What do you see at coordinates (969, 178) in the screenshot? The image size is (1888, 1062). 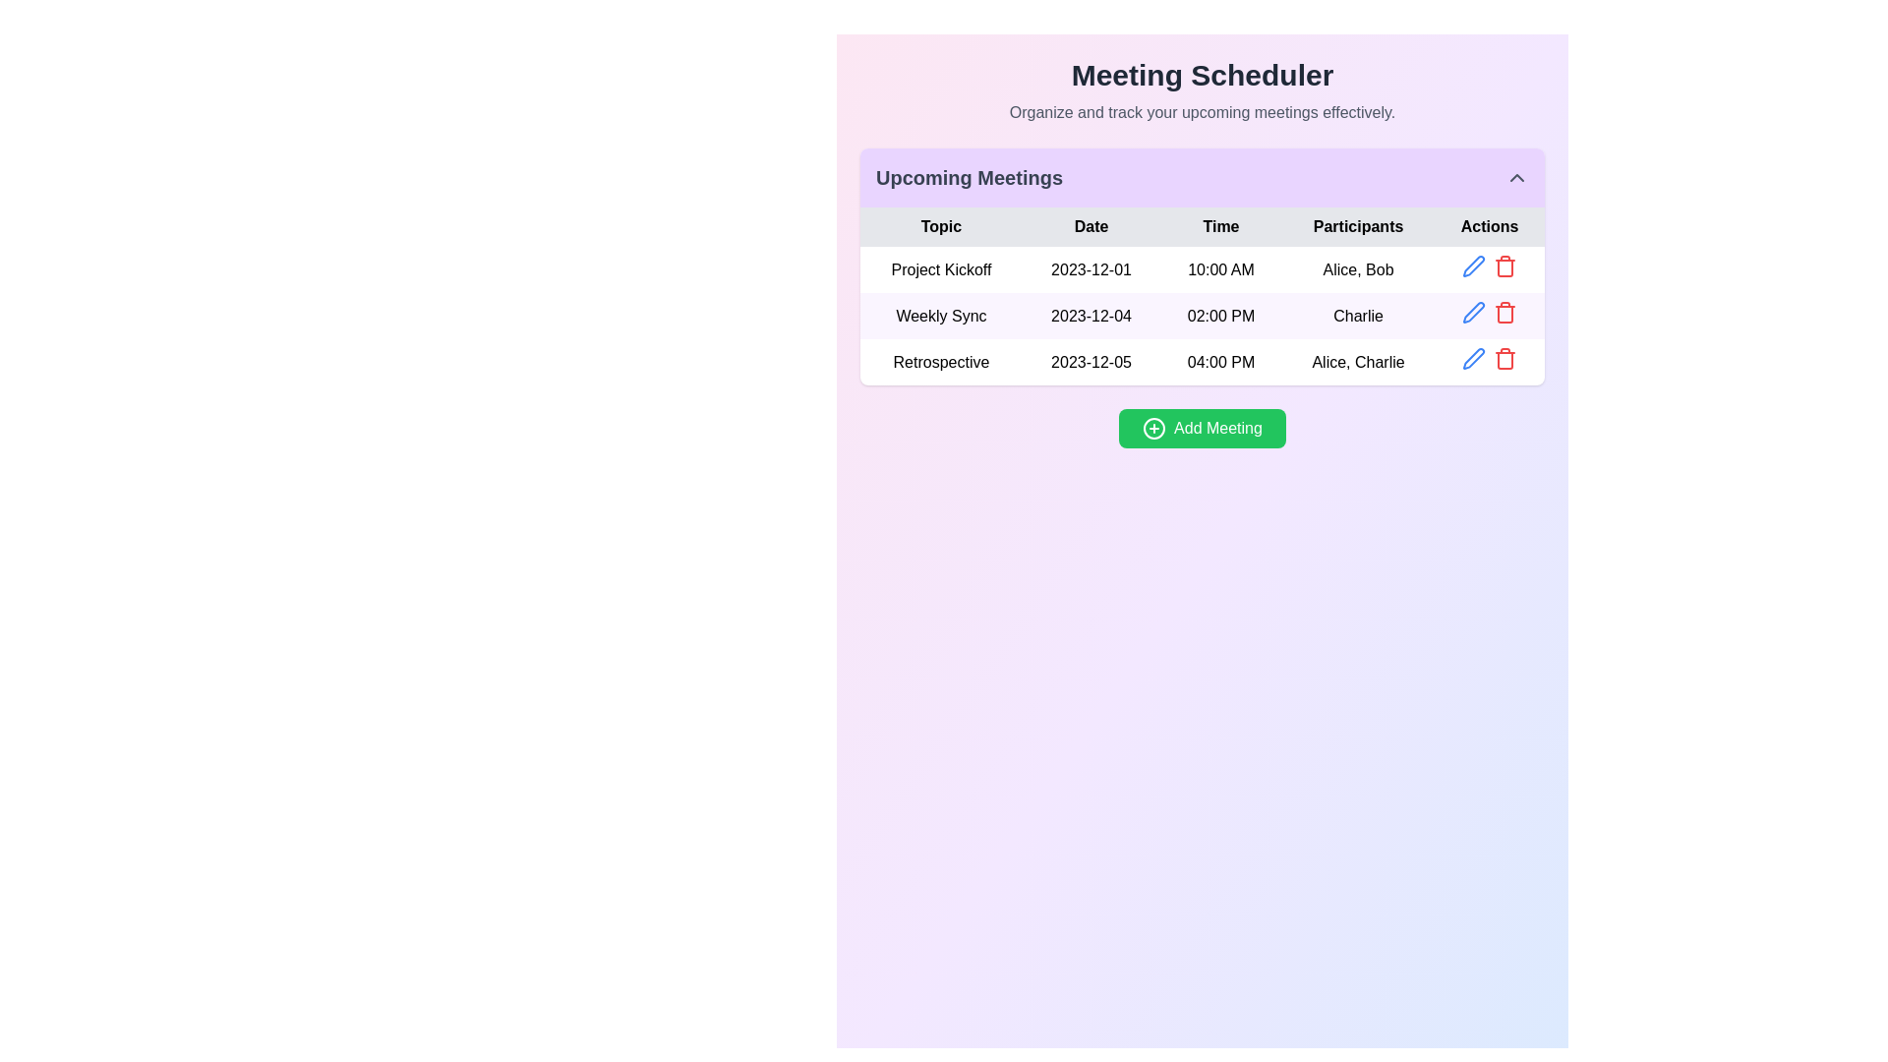 I see `static text element that serves as a section heading for upcoming meetings, positioned in a purple header bar aligned to the left` at bounding box center [969, 178].